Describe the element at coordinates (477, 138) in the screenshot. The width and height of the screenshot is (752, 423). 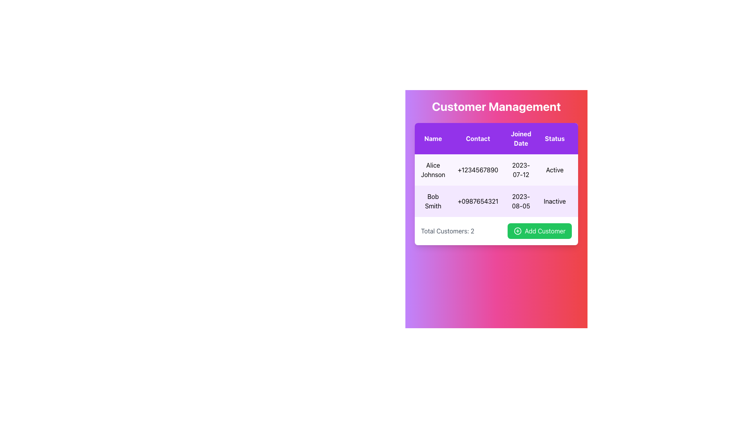
I see `the 'Contact' text label which is displayed in white font on a purple background, located in the header row of a table layout, to the right of the 'Name' header and to the left of the 'Joined Date' header` at that location.